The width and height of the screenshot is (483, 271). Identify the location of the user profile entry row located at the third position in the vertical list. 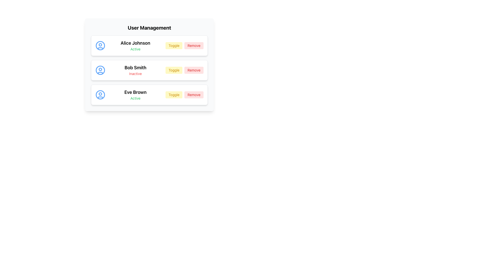
(149, 95).